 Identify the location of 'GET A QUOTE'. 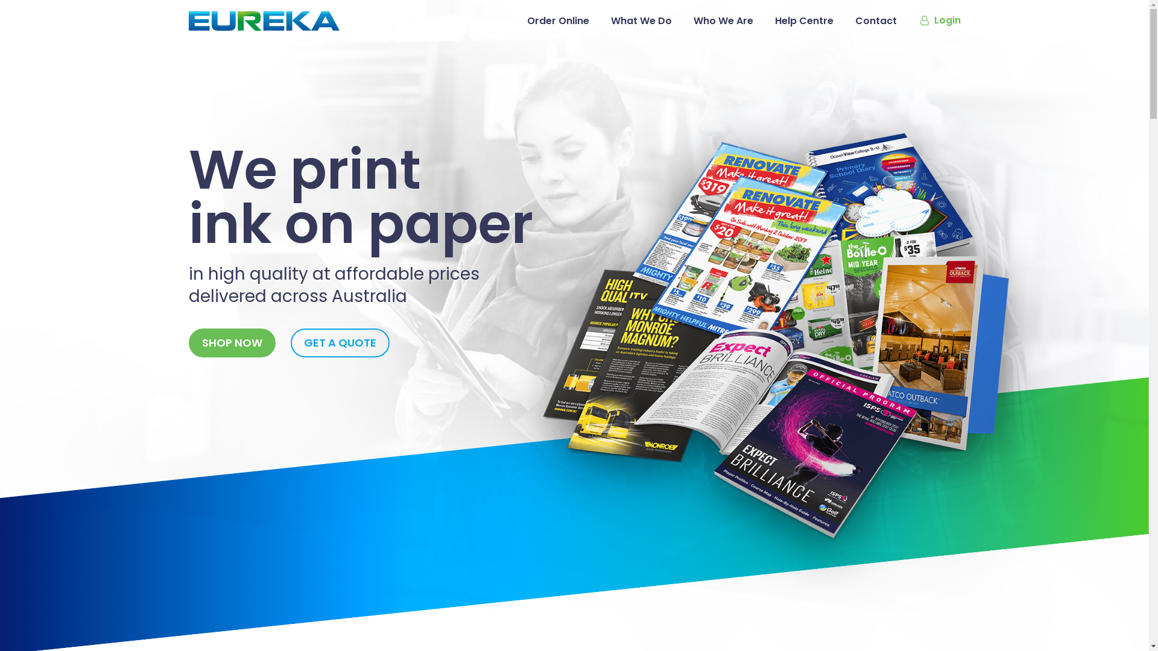
(340, 343).